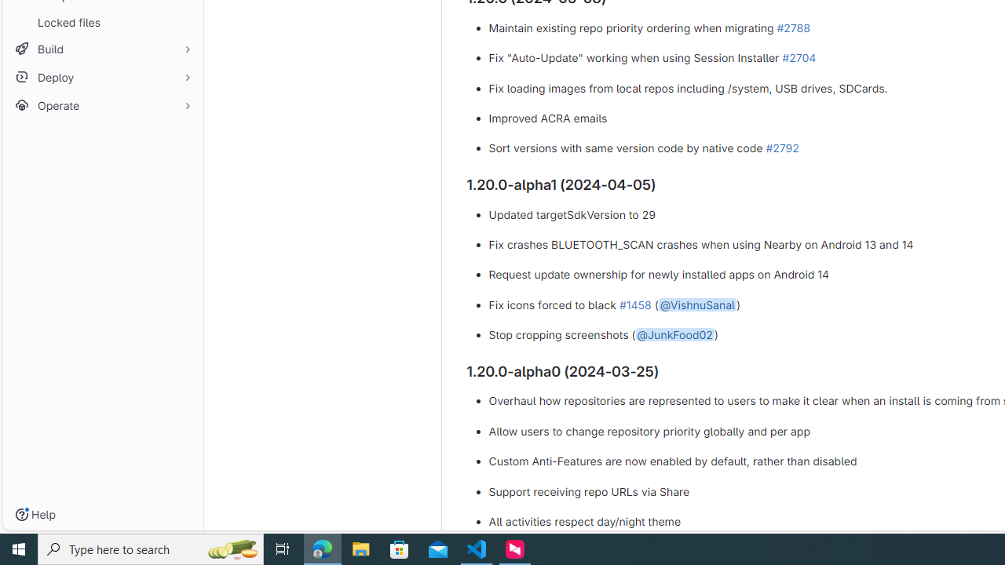  What do you see at coordinates (782, 148) in the screenshot?
I see `'#2792'` at bounding box center [782, 148].